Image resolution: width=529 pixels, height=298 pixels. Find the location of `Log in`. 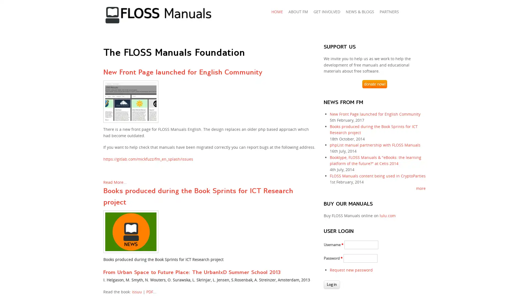

Log in is located at coordinates (331, 285).